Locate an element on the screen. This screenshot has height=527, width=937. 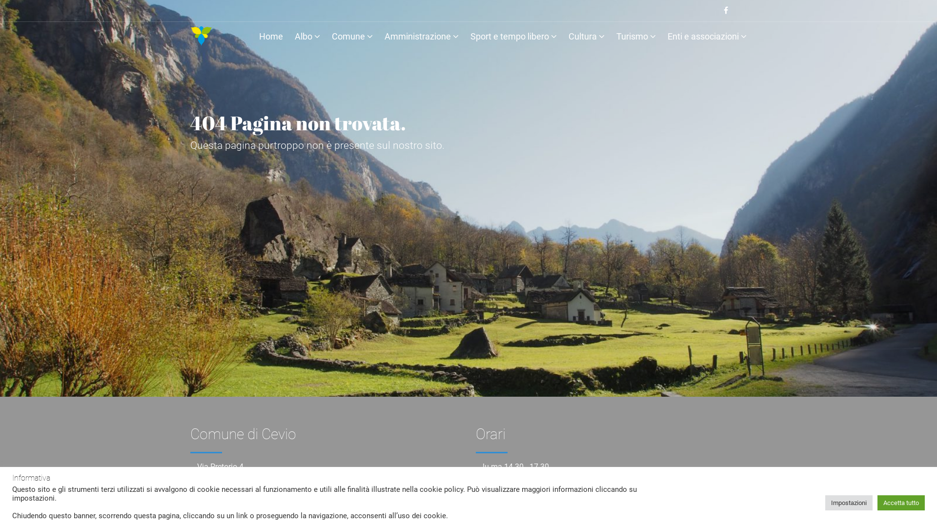
'Turismo' is located at coordinates (615, 38).